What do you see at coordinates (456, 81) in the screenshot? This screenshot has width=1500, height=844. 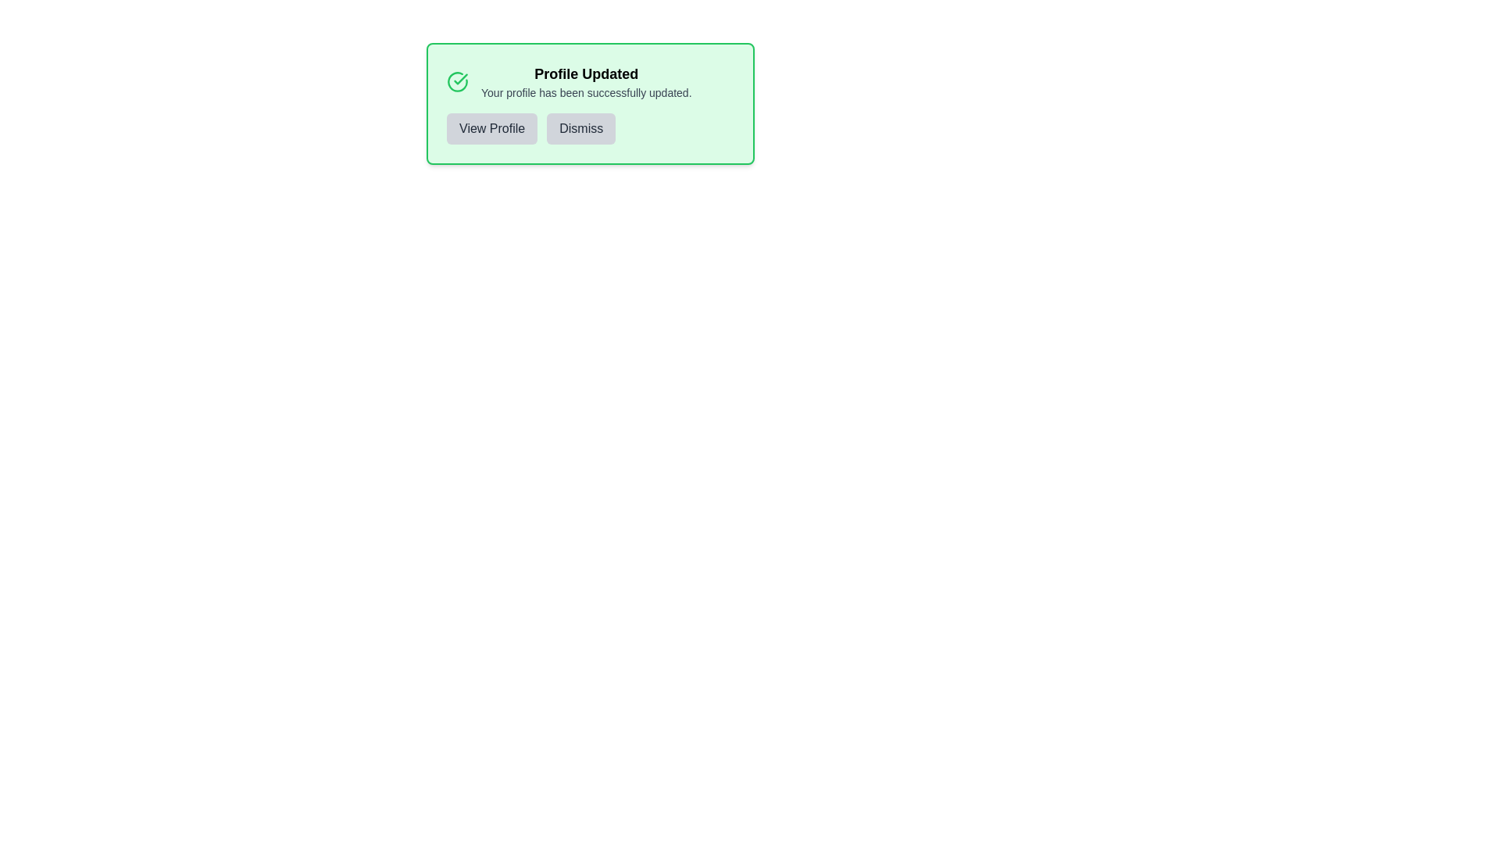 I see `the green checkmark circle icon located to the left of the 'Profile Updated' notification text` at bounding box center [456, 81].